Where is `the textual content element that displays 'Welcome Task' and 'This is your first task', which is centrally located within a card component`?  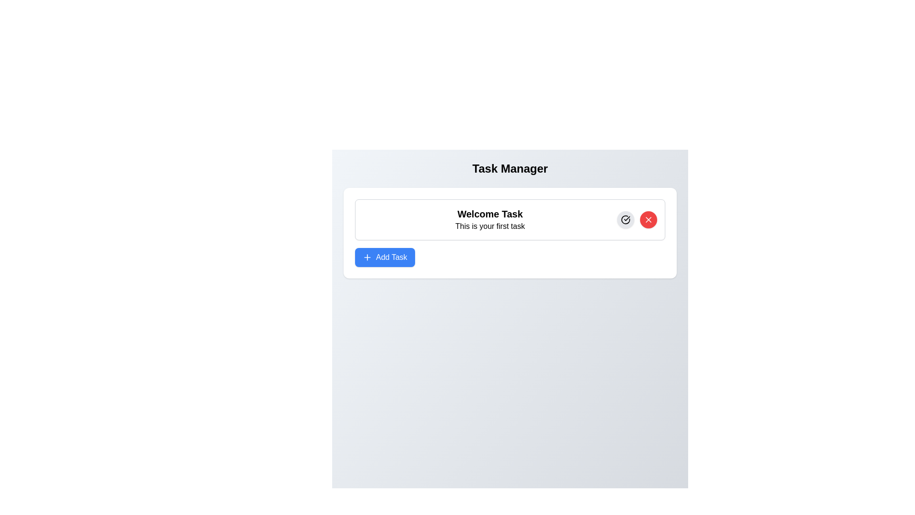 the textual content element that displays 'Welcome Task' and 'This is your first task', which is centrally located within a card component is located at coordinates (490, 220).